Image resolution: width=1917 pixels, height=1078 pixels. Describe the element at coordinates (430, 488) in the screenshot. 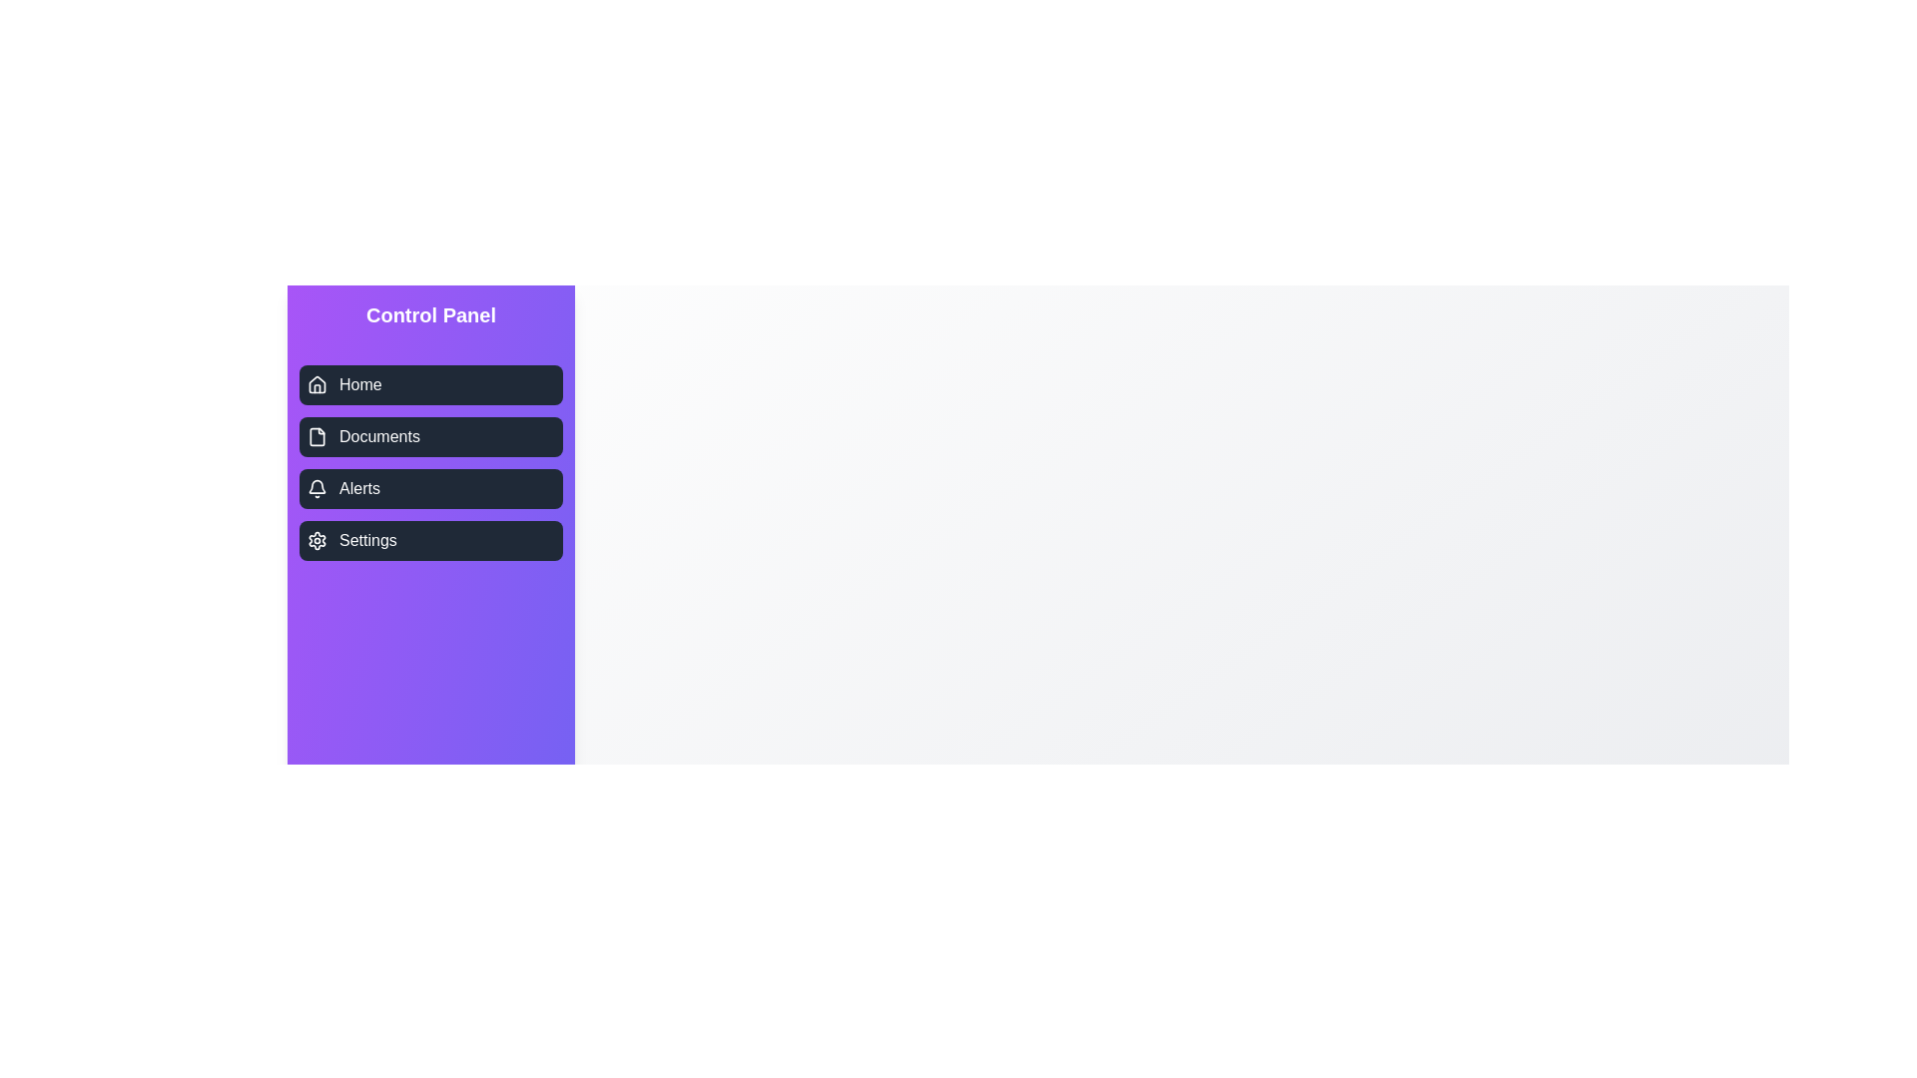

I see `the navigation item Alerts to view its hover effect` at that location.